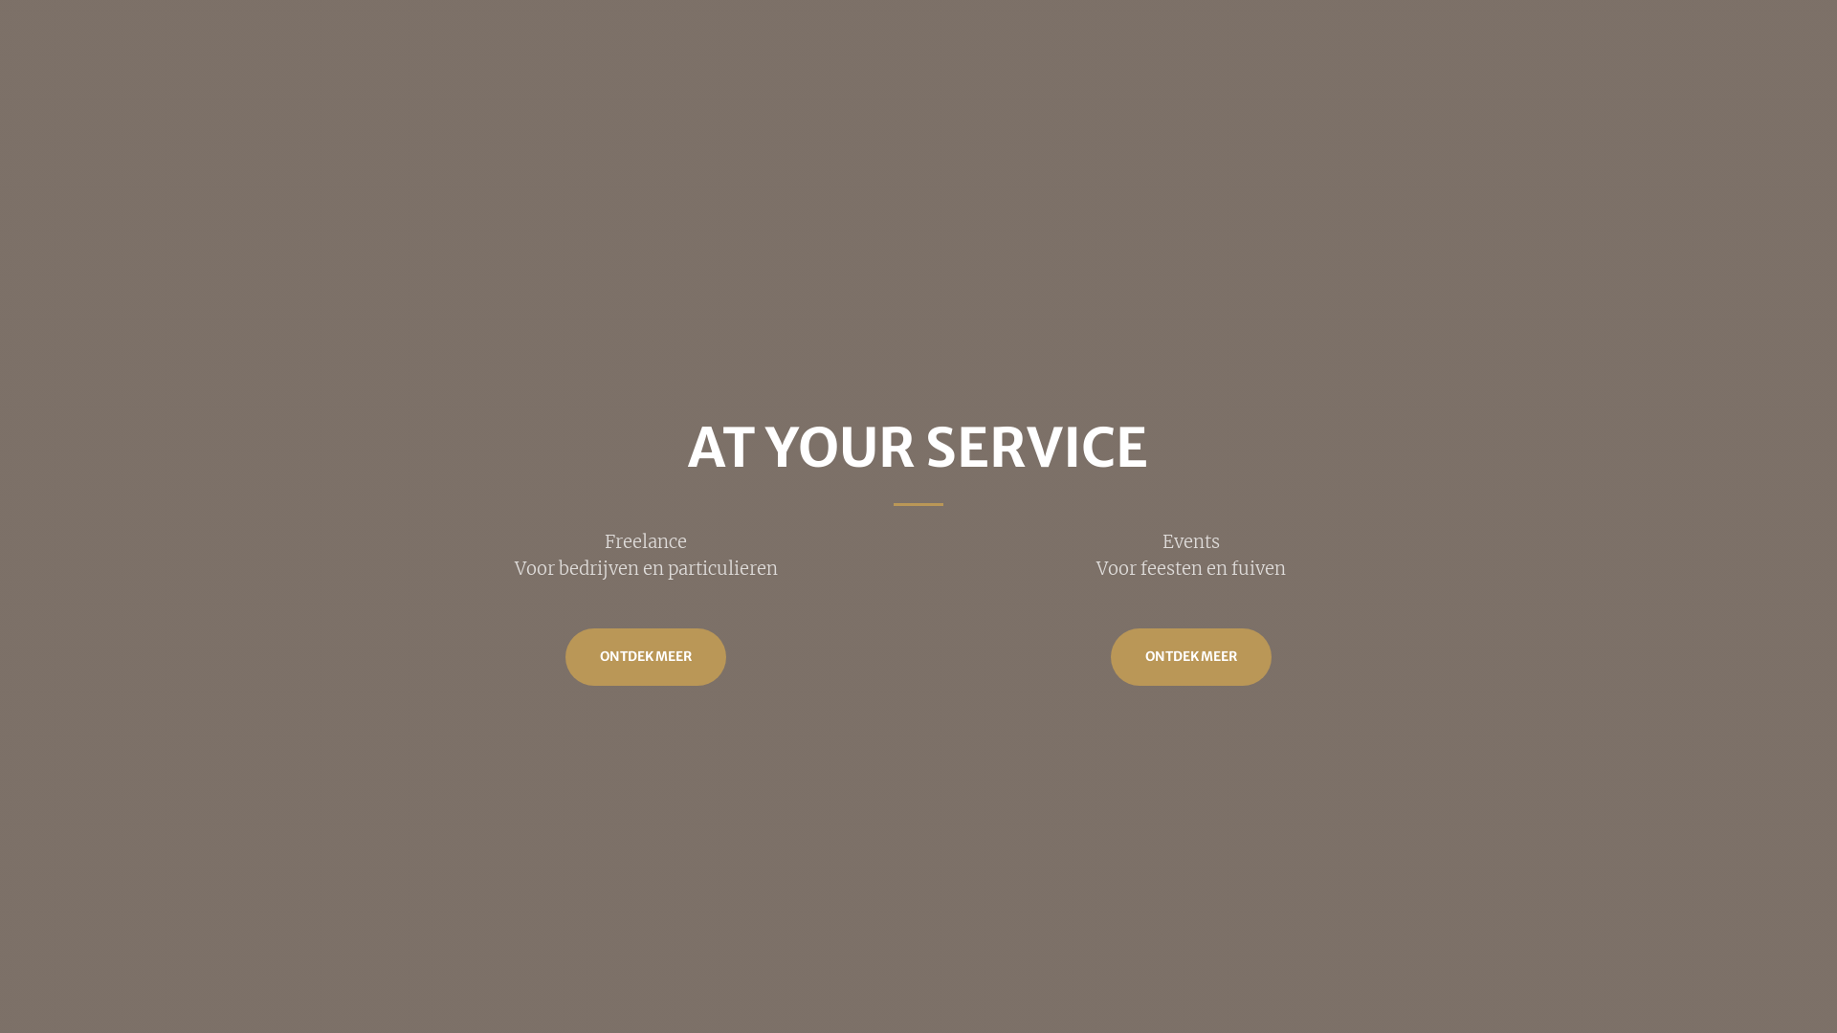  I want to click on 'ONTDEK MEER', so click(1189, 655).